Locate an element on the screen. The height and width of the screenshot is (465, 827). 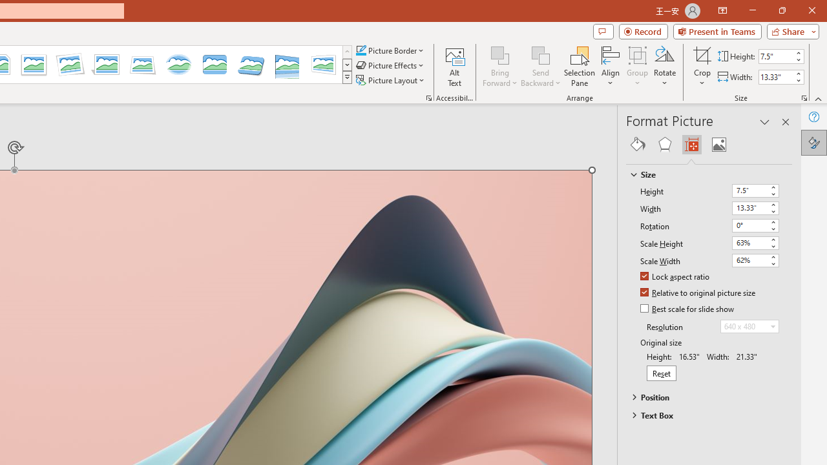
'Rotate' is located at coordinates (665, 67).